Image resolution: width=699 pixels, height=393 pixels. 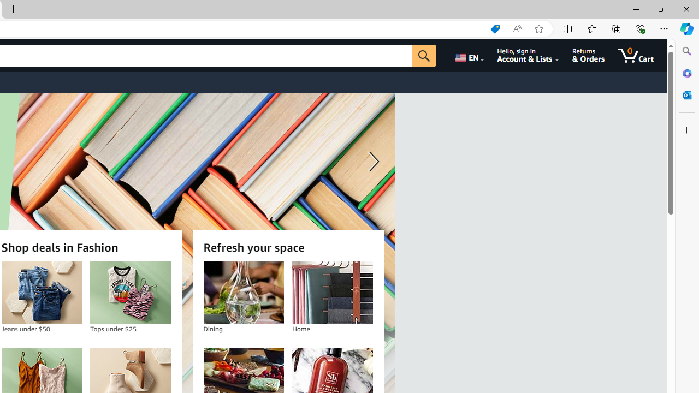 I want to click on 'Dining', so click(x=243, y=292).